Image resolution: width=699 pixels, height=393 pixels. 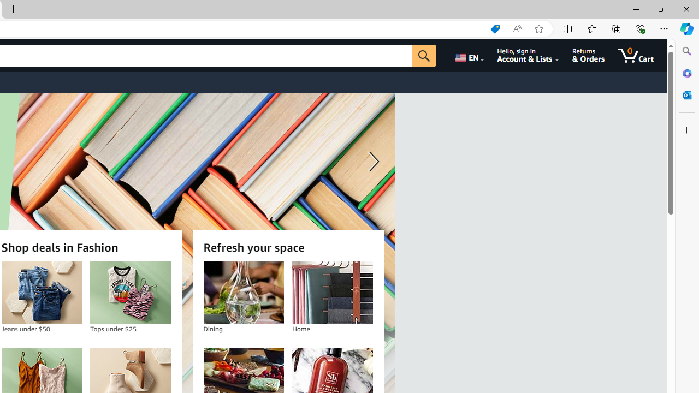 I want to click on 'Dining', so click(x=243, y=292).